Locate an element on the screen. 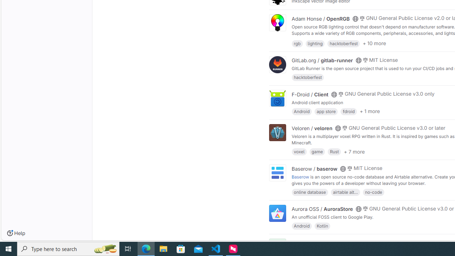 This screenshot has height=256, width=455. 'Aurora OSS / AuroraStore' is located at coordinates (322, 208).